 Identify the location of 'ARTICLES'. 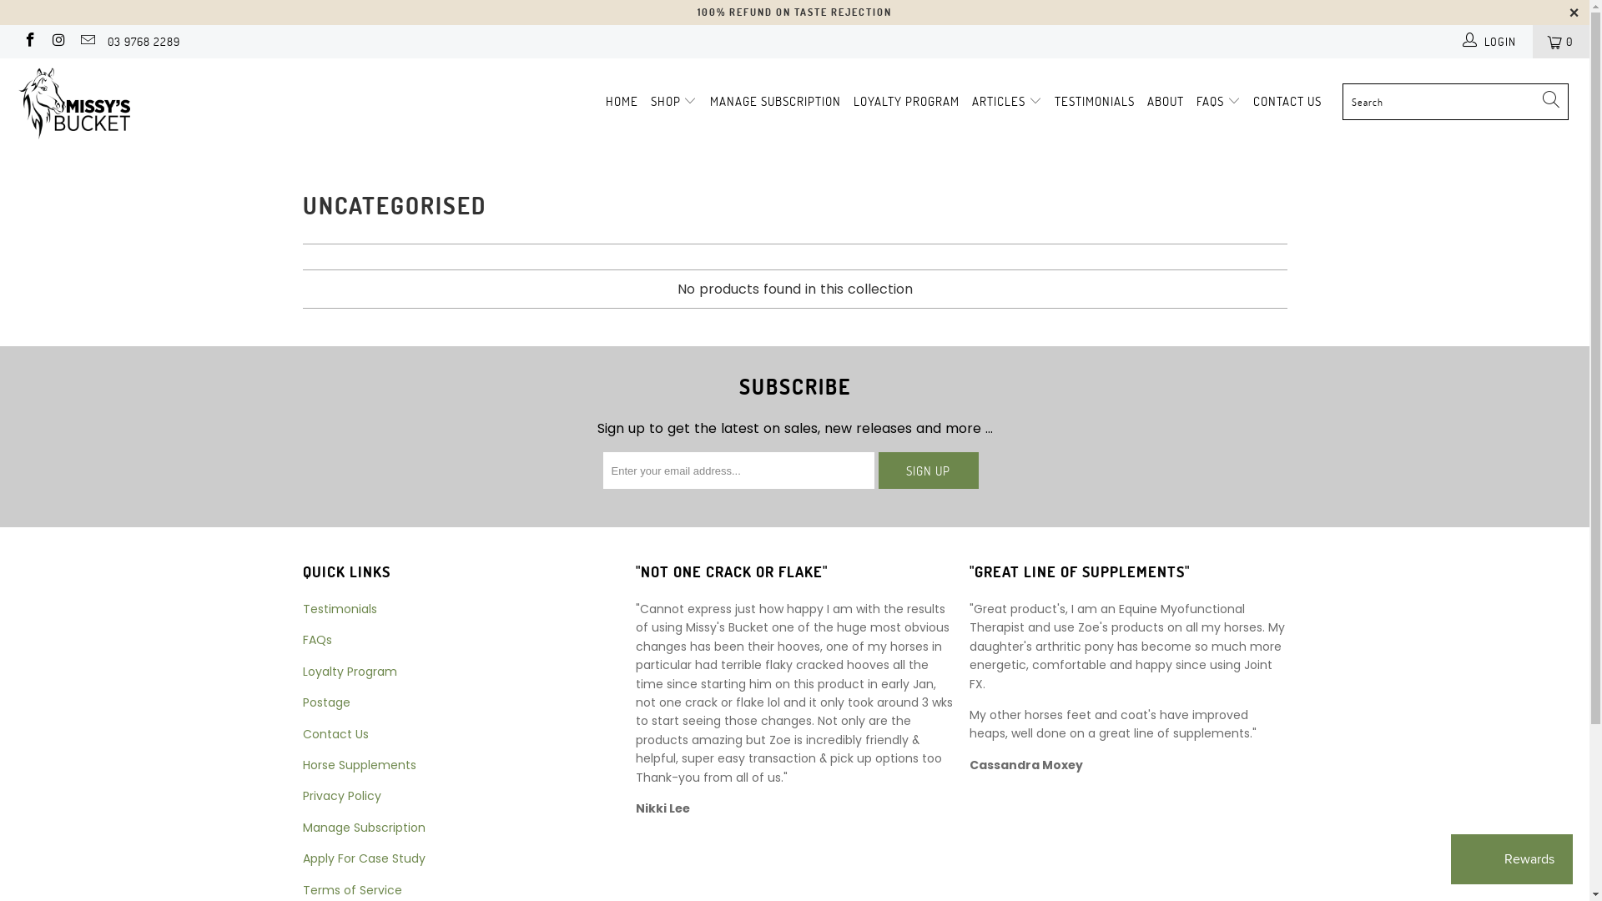
(1005, 102).